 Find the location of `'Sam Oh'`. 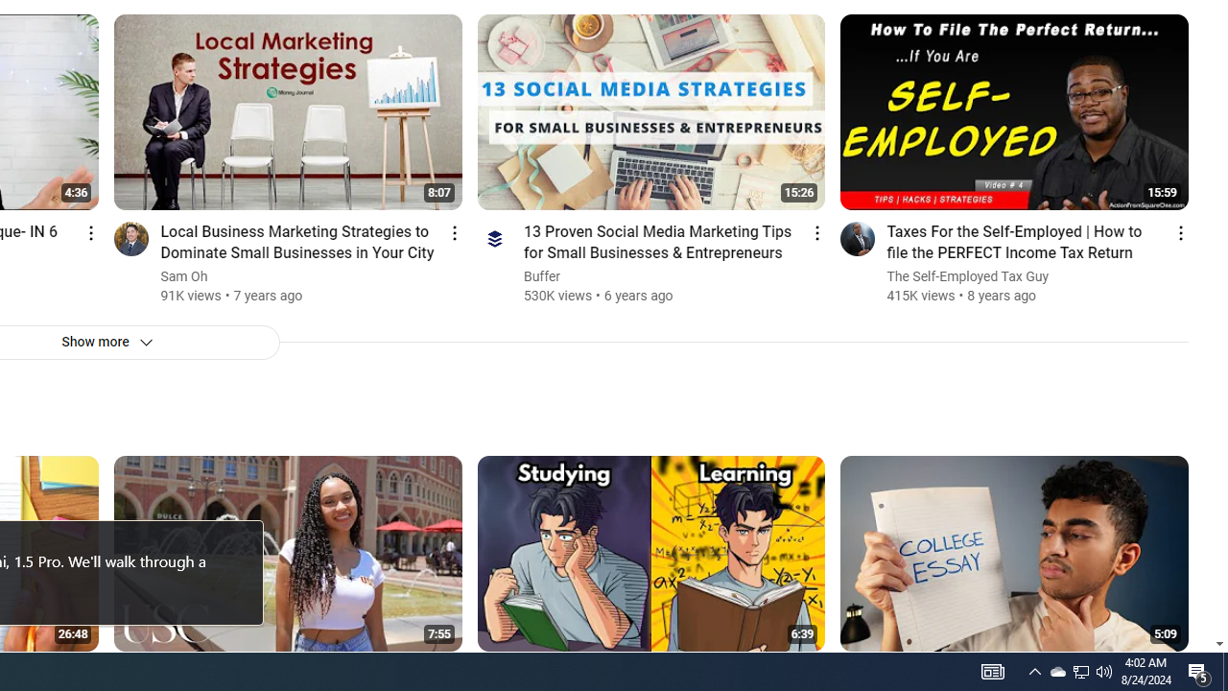

'Sam Oh' is located at coordinates (184, 276).